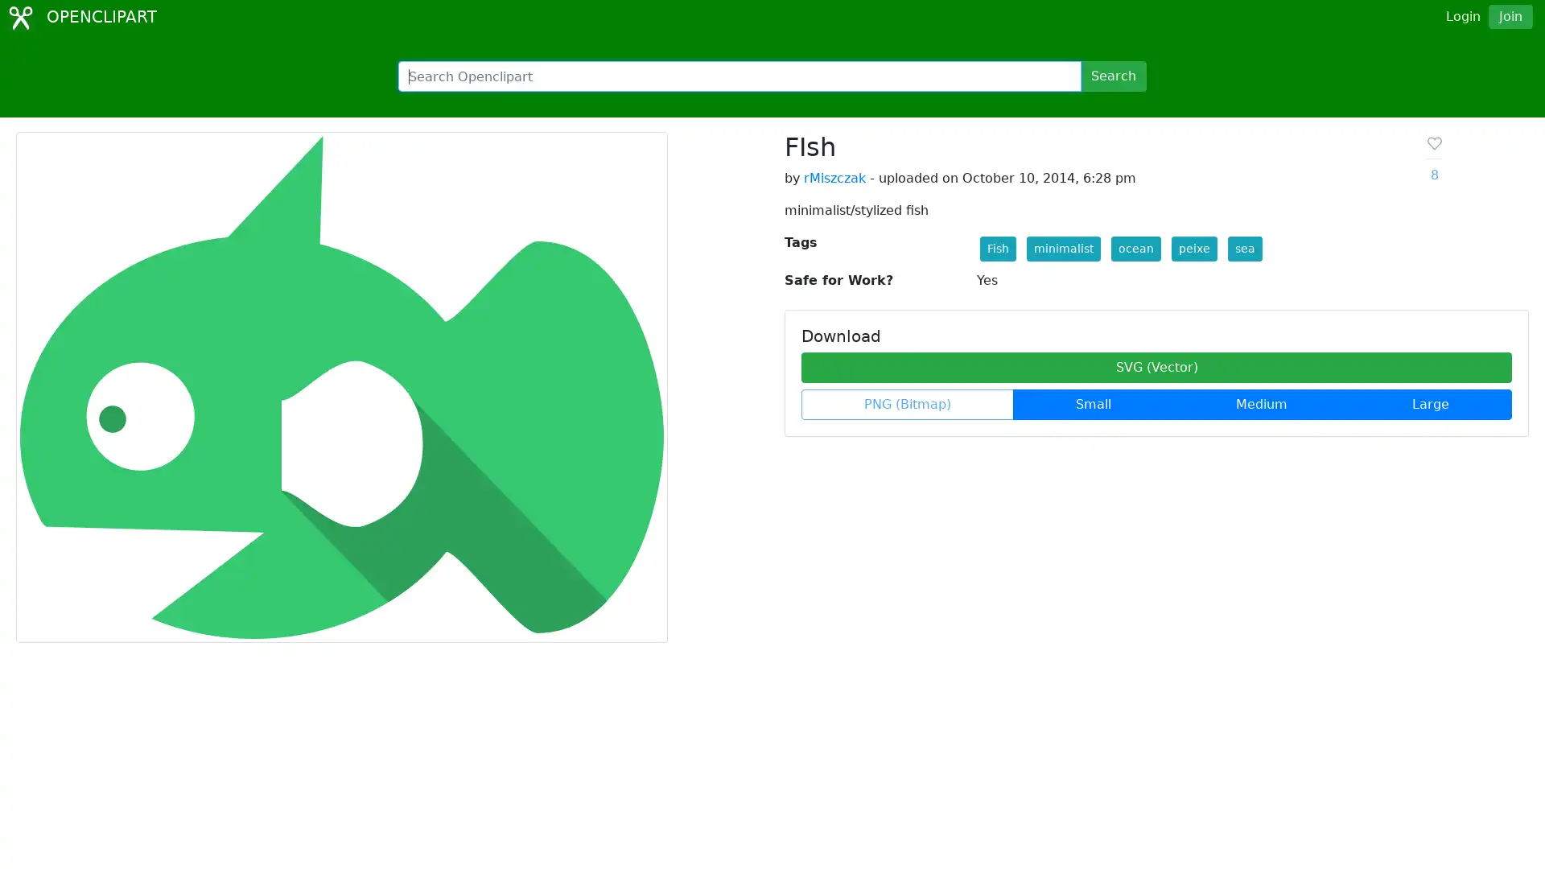 Image resolution: width=1545 pixels, height=869 pixels. I want to click on Fish, so click(996, 249).